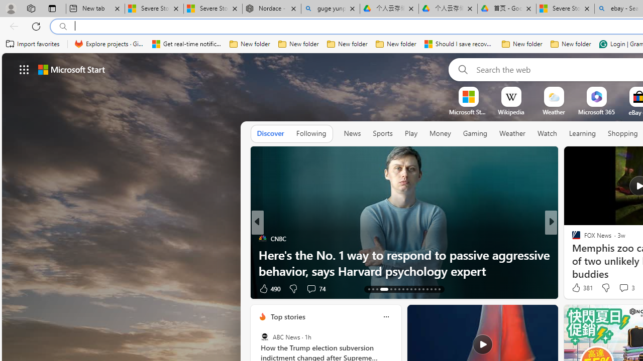 The height and width of the screenshot is (361, 643). I want to click on 'AutomationID: tab-21', so click(407, 289).